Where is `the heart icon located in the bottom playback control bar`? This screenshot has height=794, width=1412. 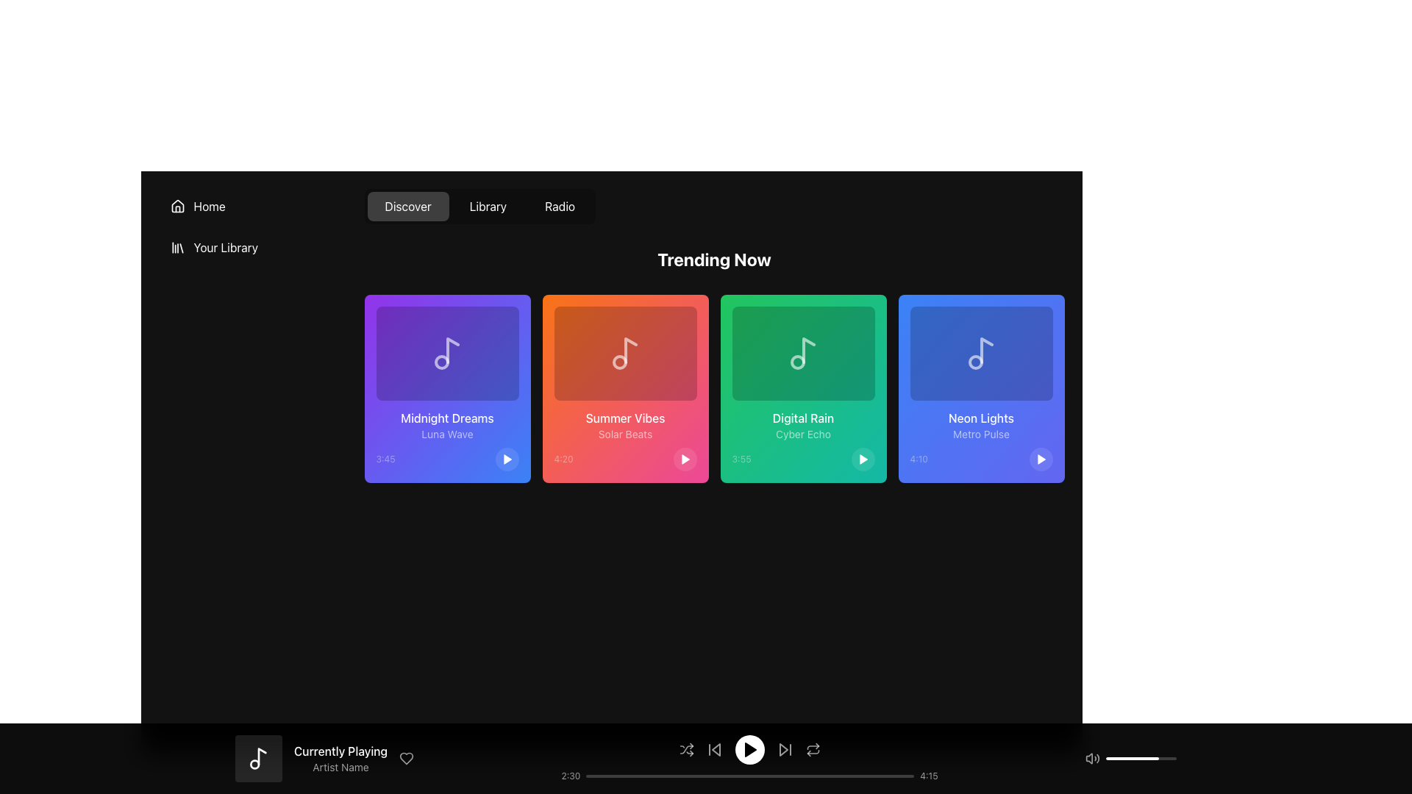
the heart icon located in the bottom playback control bar is located at coordinates (407, 759).